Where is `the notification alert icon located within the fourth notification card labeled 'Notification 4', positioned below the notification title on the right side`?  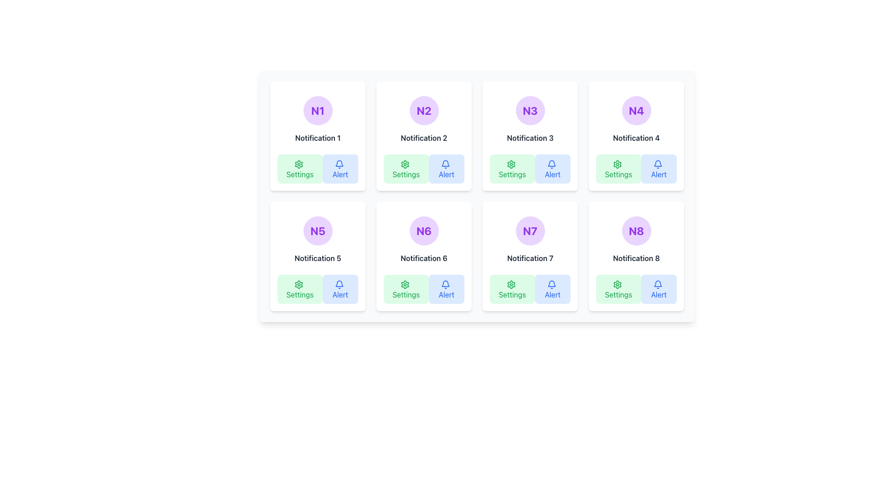 the notification alert icon located within the fourth notification card labeled 'Notification 4', positioned below the notification title on the right side is located at coordinates (658, 163).